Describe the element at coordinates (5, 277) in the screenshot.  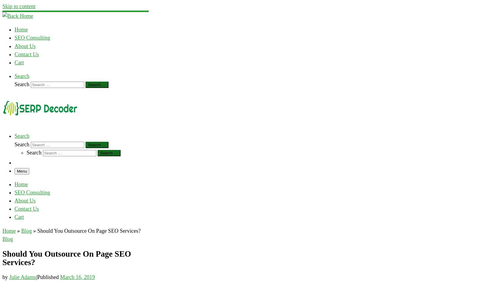
I see `'by'` at that location.